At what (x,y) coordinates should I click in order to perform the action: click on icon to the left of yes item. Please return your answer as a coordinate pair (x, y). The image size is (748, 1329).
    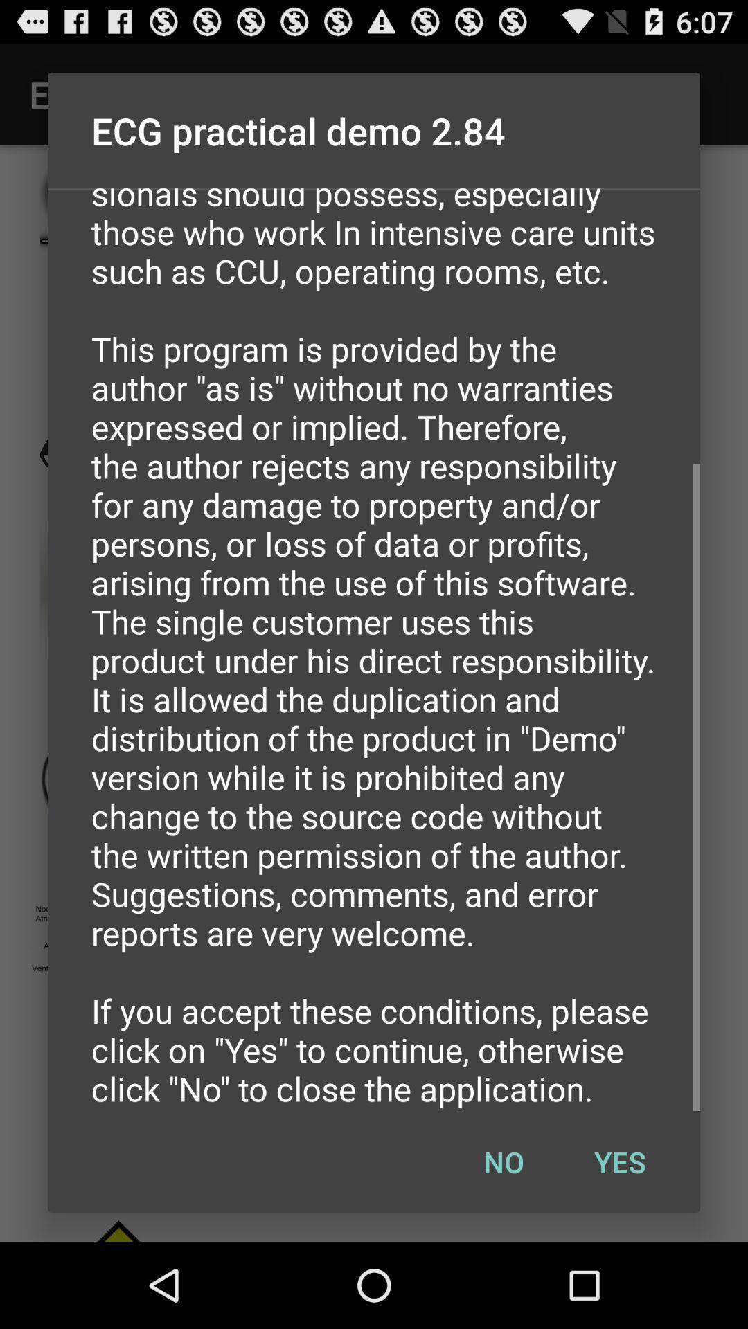
    Looking at the image, I should click on (504, 1161).